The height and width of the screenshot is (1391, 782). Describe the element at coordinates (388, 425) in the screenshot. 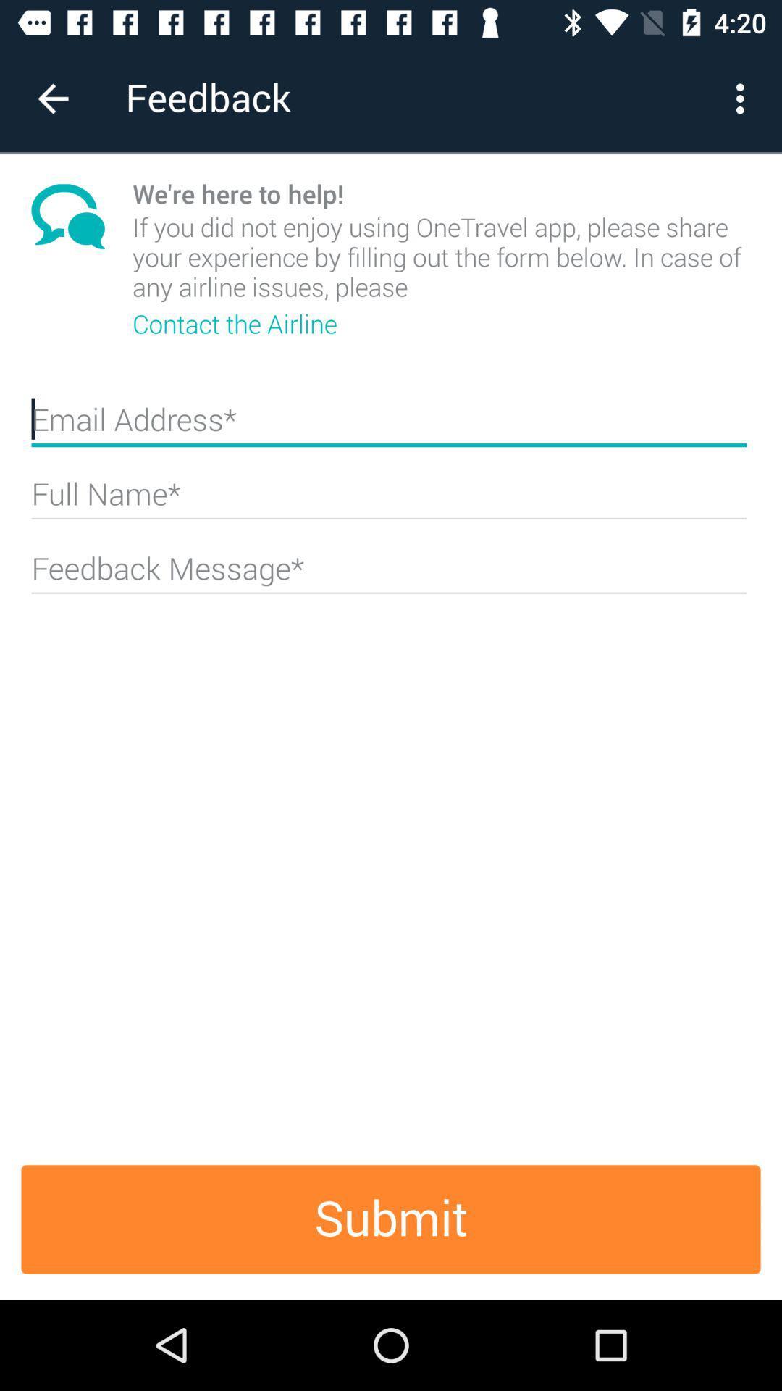

I see `the frist name field` at that location.